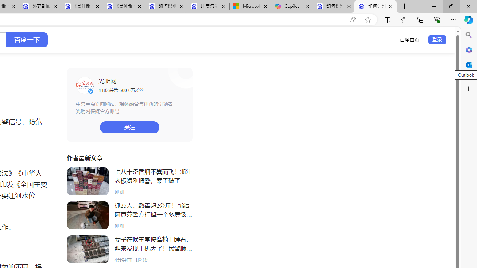 The image size is (477, 268). What do you see at coordinates (468, 64) in the screenshot?
I see `'Outlook'` at bounding box center [468, 64].